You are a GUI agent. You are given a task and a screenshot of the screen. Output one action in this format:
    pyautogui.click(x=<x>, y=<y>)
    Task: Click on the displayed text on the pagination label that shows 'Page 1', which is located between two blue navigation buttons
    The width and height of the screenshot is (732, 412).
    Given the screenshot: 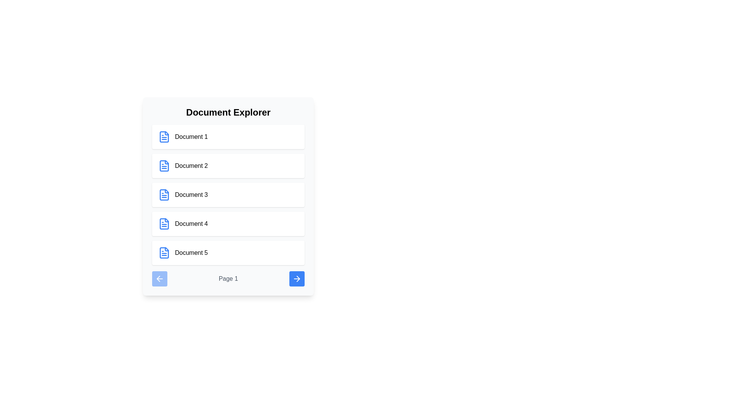 What is the action you would take?
    pyautogui.click(x=228, y=279)
    